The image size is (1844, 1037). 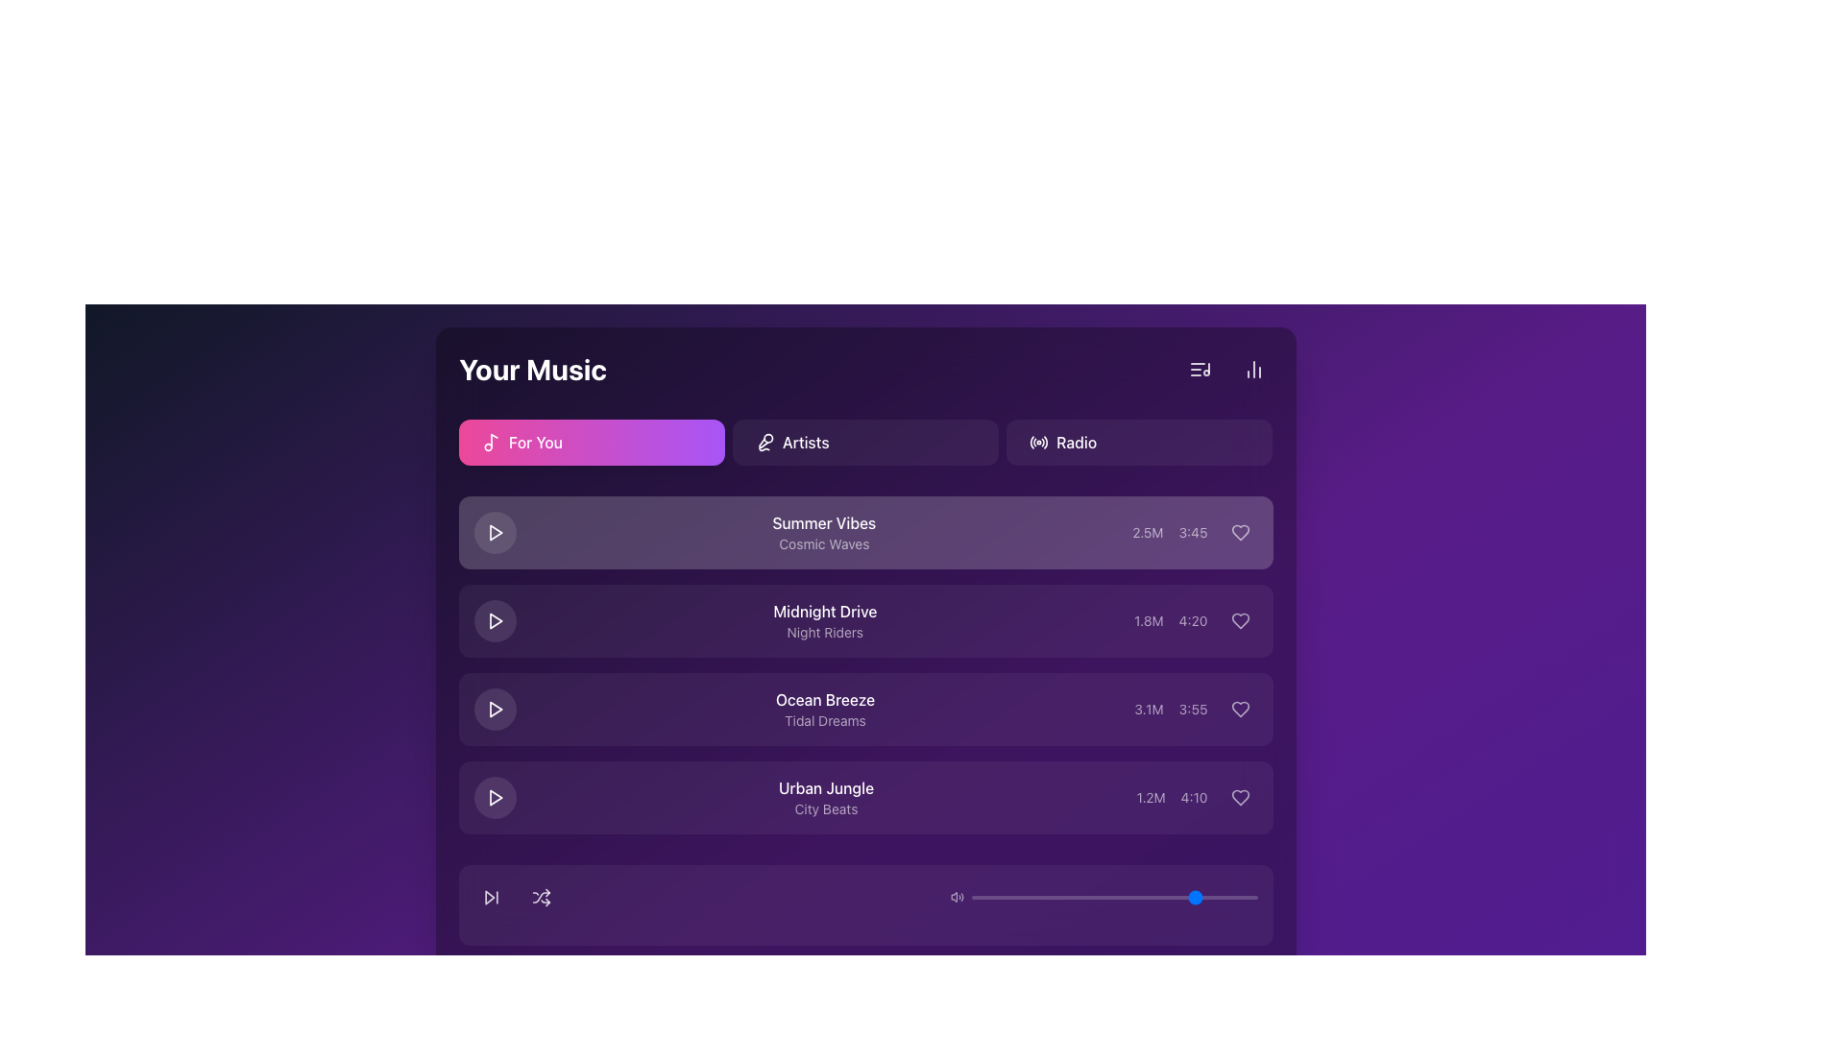 What do you see at coordinates (1240, 710) in the screenshot?
I see `the 'like' button for the song 'Ocean Breeze' to mark it as a favorite` at bounding box center [1240, 710].